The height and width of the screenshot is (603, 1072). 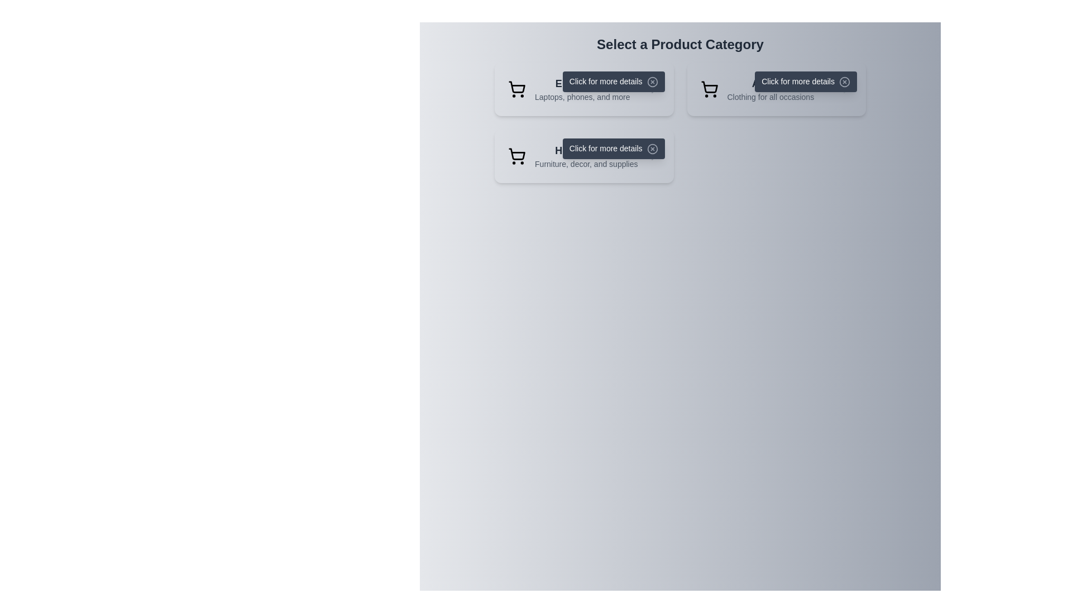 I want to click on the shopping cart icon located at the top-left corner of the 'Electronics' card, which is represented as an outline-style SVG graphic, so click(x=516, y=88).